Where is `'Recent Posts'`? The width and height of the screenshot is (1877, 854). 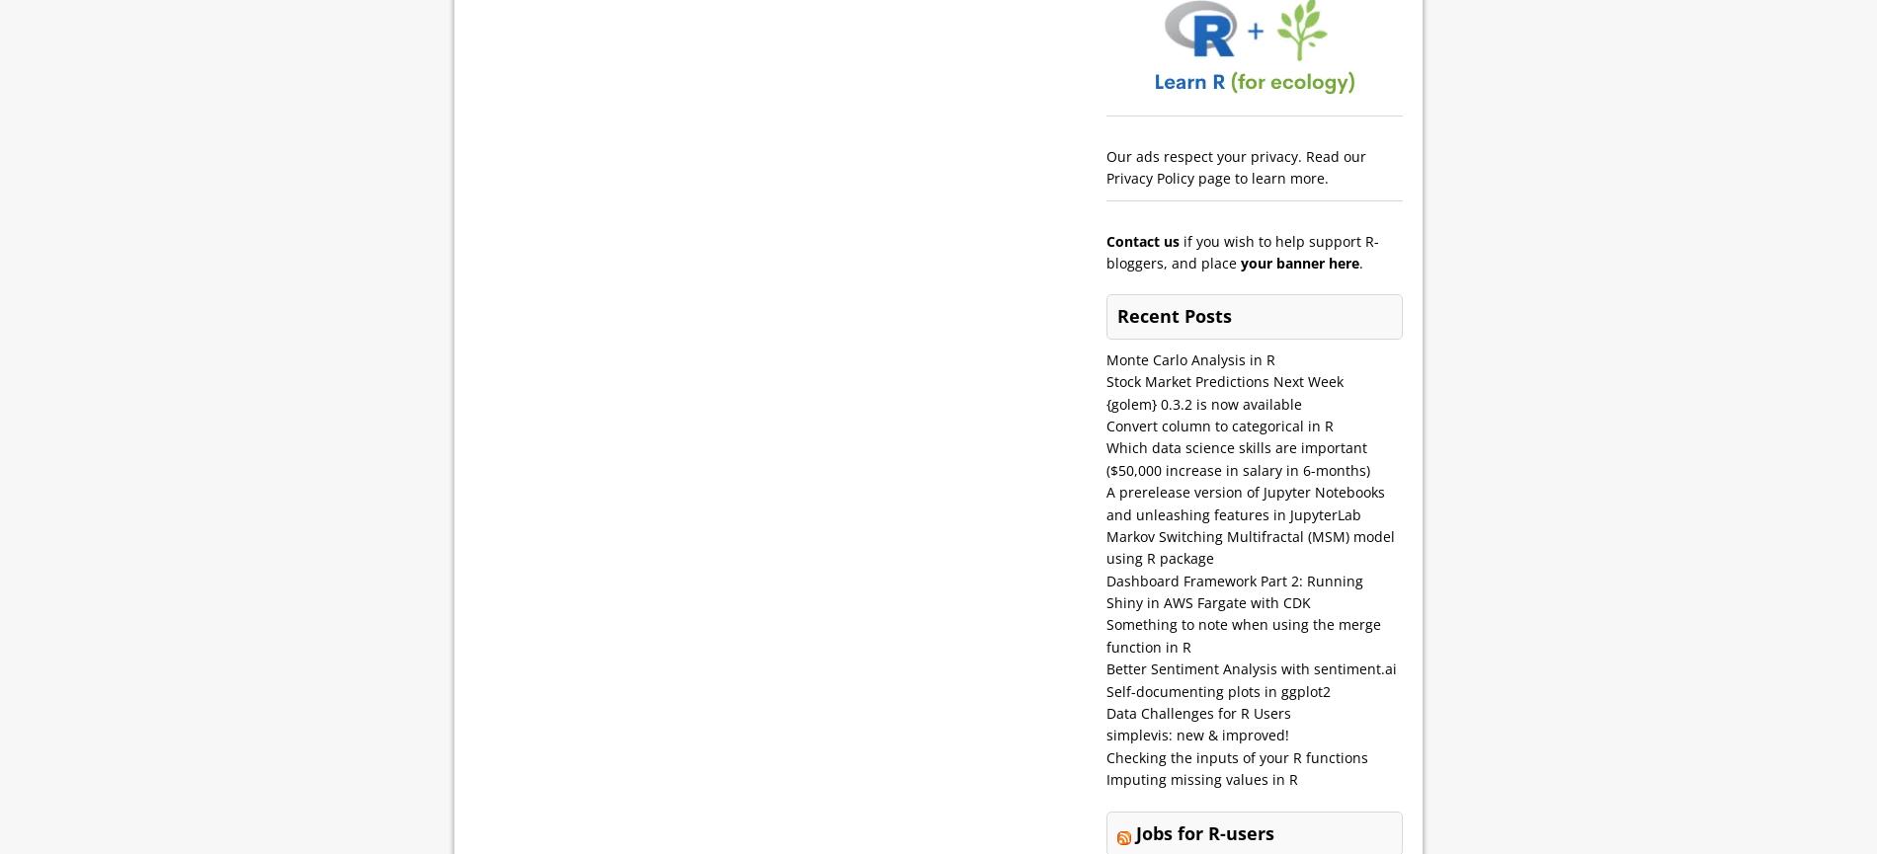
'Recent Posts' is located at coordinates (1174, 315).